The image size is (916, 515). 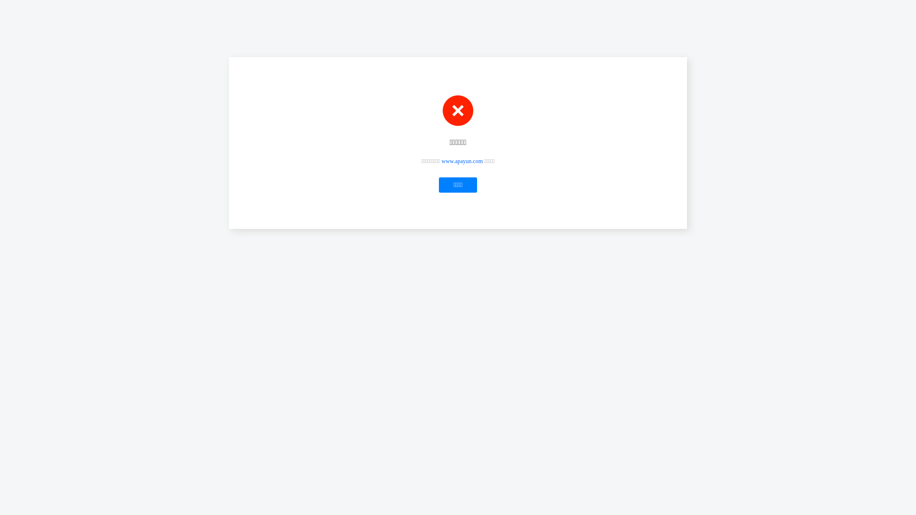 What do you see at coordinates (462, 161) in the screenshot?
I see `'www.apayun.com'` at bounding box center [462, 161].